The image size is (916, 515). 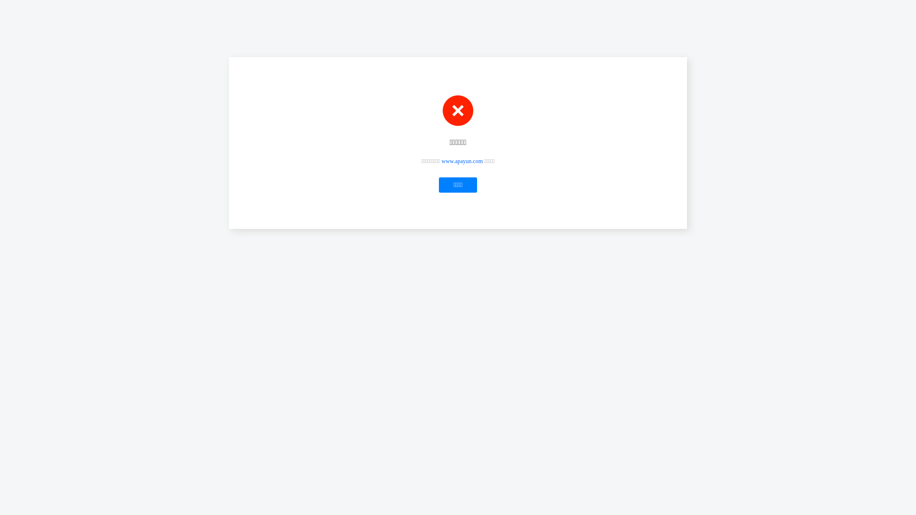 What do you see at coordinates (462, 161) in the screenshot?
I see `'www.apayun.com'` at bounding box center [462, 161].